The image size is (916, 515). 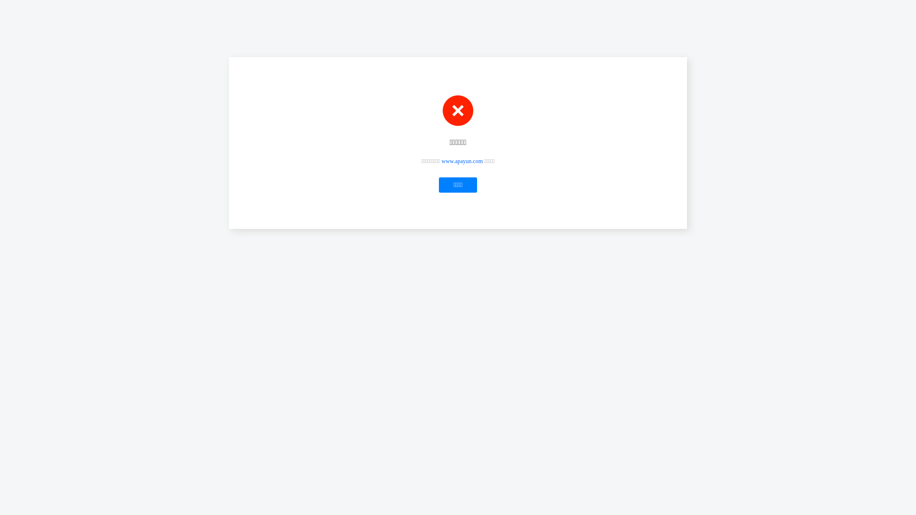 What do you see at coordinates (462, 161) in the screenshot?
I see `'www.apayun.com'` at bounding box center [462, 161].